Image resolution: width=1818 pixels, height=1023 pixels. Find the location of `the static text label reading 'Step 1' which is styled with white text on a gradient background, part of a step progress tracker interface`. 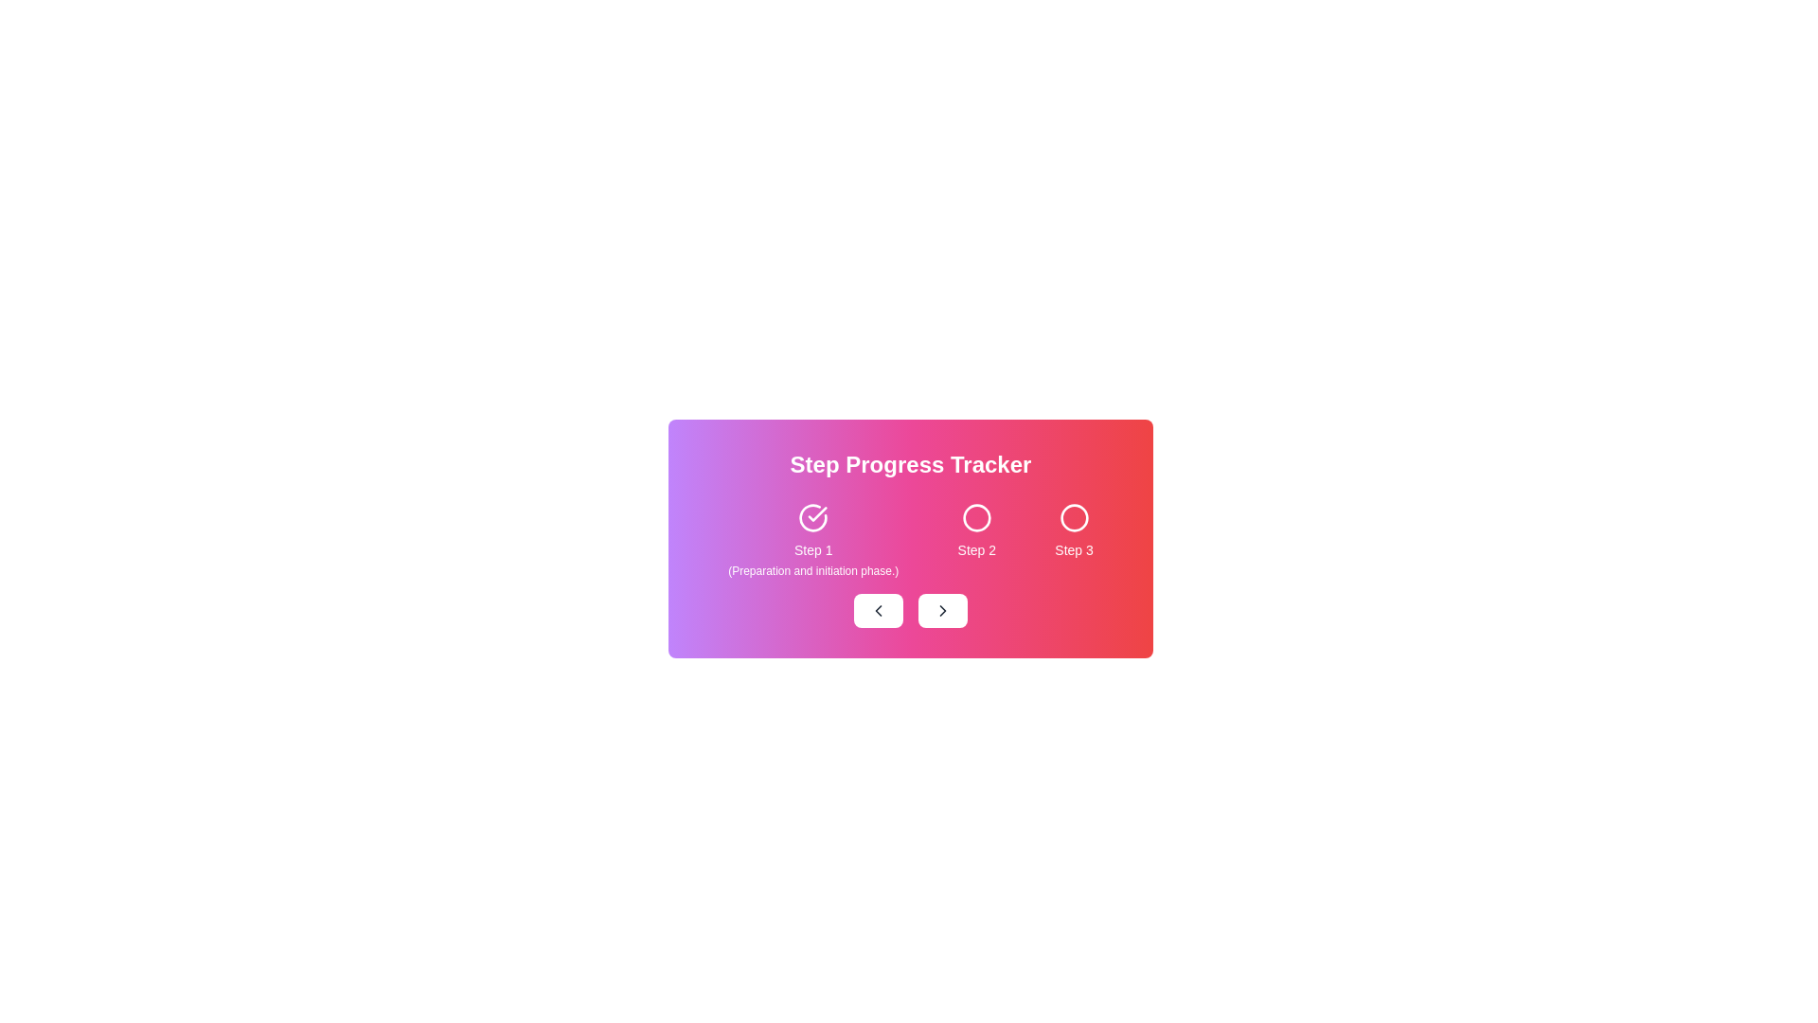

the static text label reading 'Step 1' which is styled with white text on a gradient background, part of a step progress tracker interface is located at coordinates (813, 550).